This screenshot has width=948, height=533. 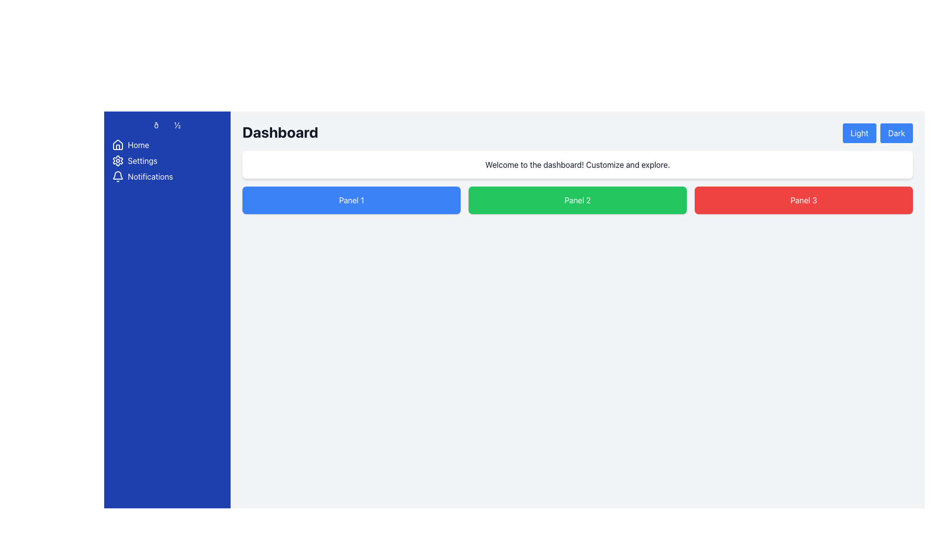 I want to click on the bell icon representing notifications, located as the leftmost element in the navigation bar below the 'Settings' entry, so click(x=118, y=176).